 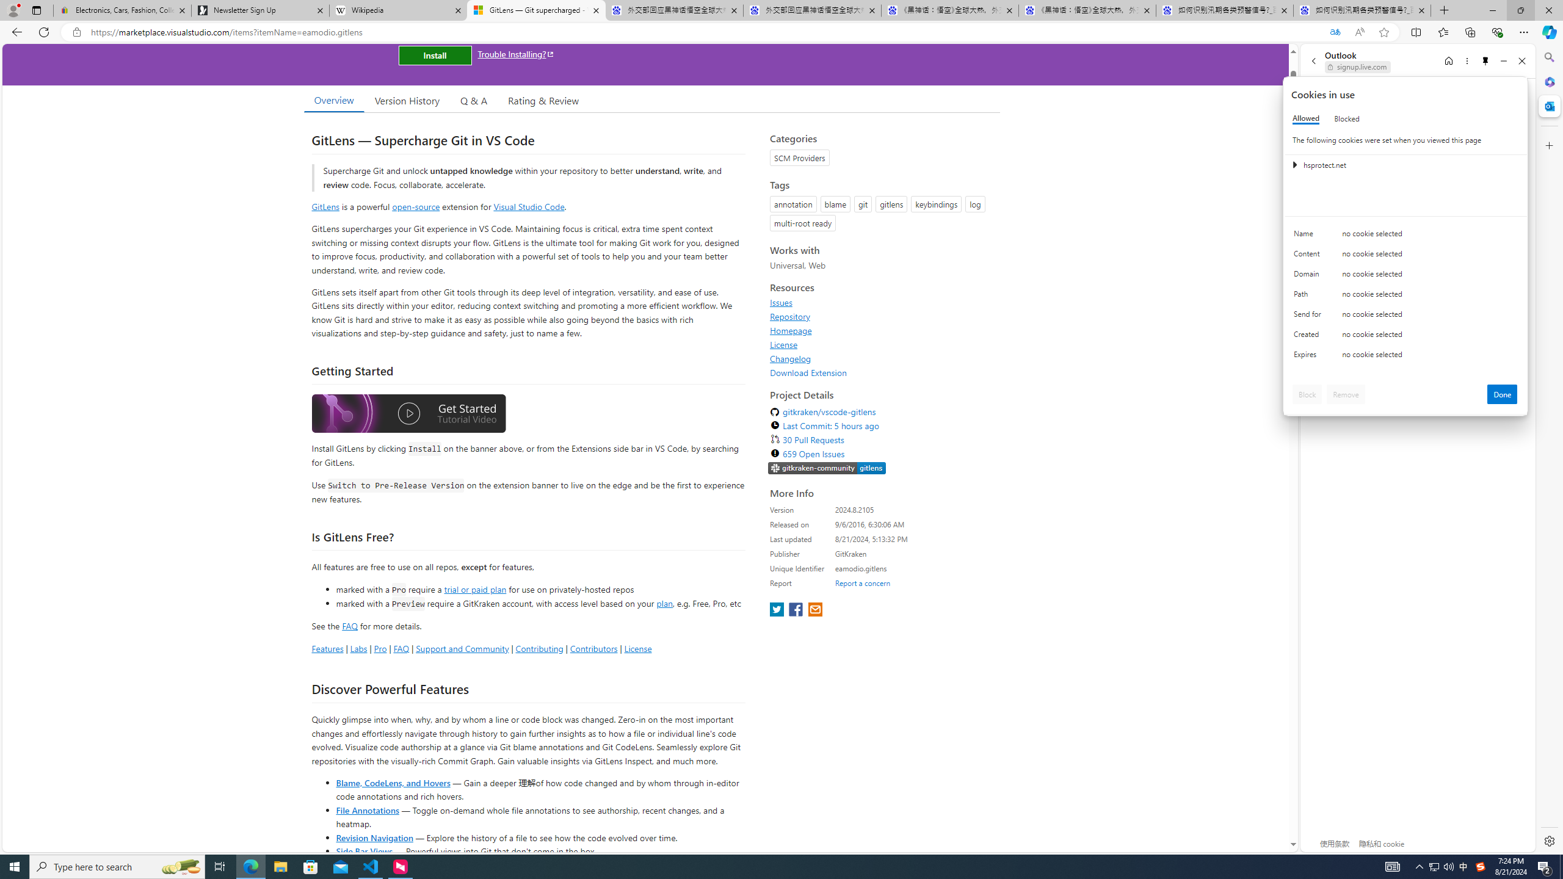 I want to click on 'Content', so click(x=1309, y=256).